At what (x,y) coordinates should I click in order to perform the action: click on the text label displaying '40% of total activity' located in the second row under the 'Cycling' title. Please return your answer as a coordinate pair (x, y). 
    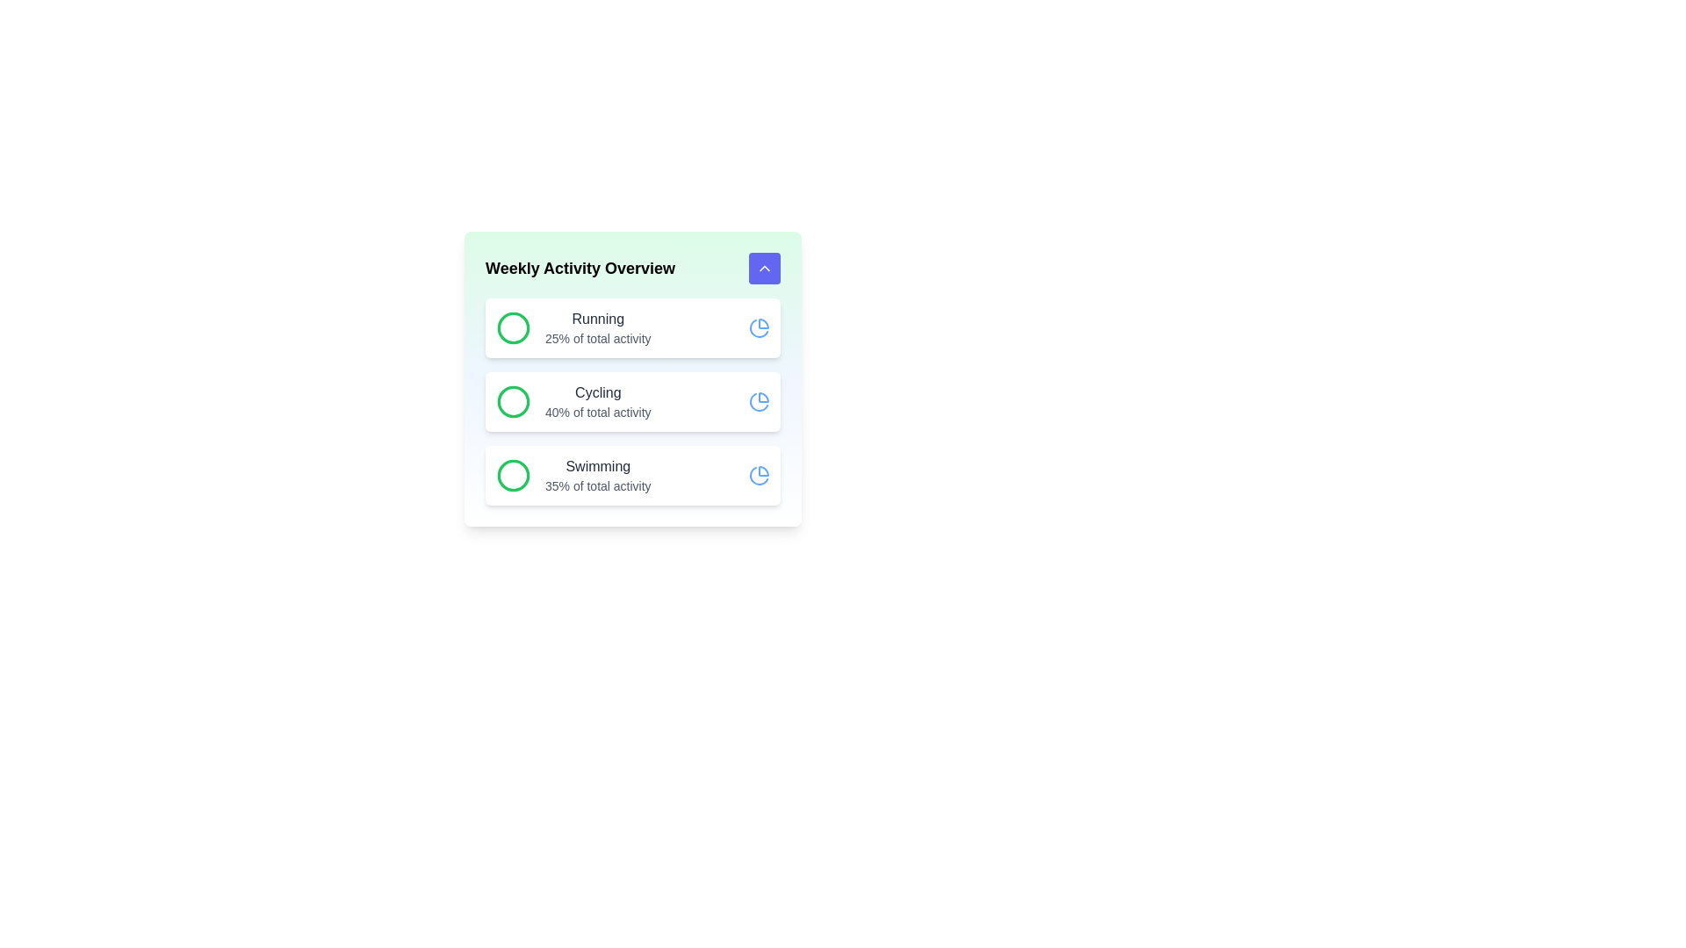
    Looking at the image, I should click on (598, 413).